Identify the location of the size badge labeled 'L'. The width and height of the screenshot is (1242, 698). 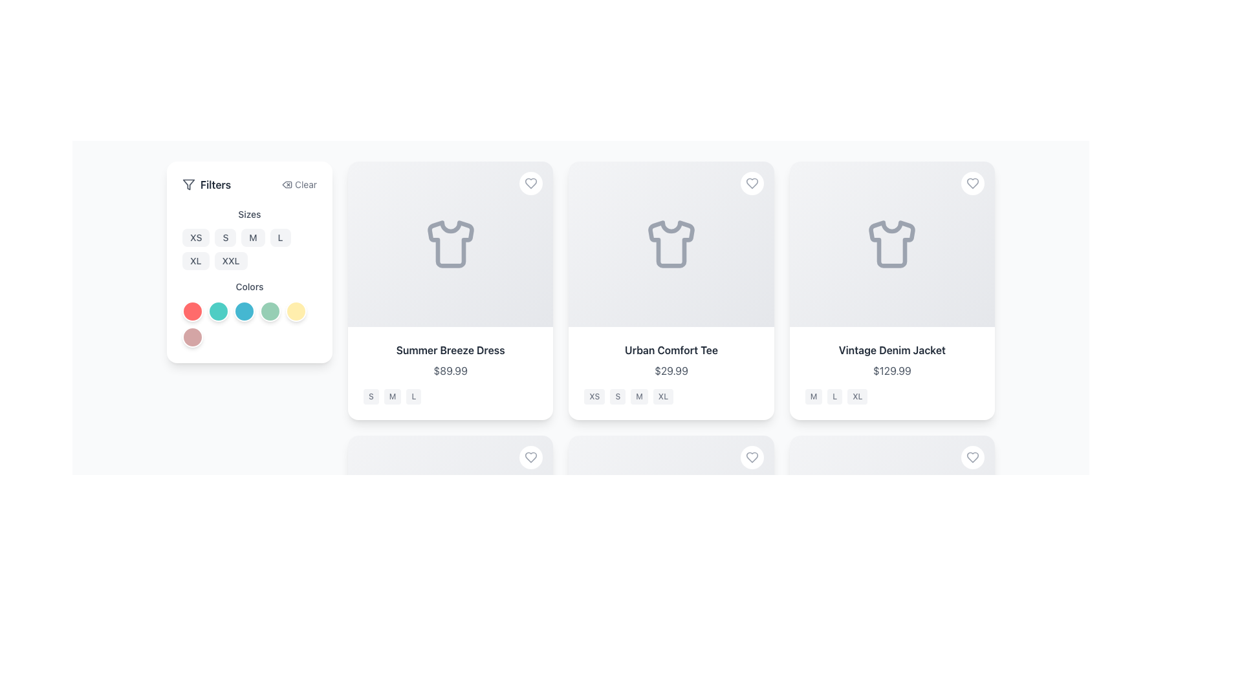
(834, 396).